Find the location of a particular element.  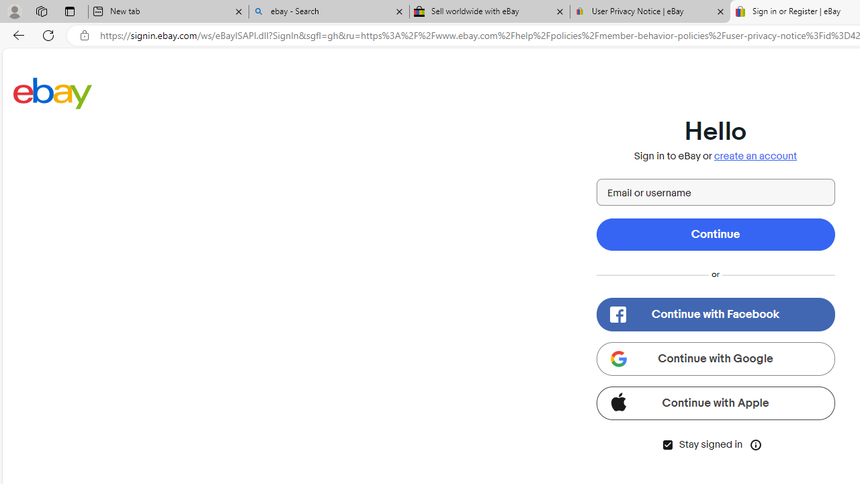

'eBay Home' is located at coordinates (52, 92).